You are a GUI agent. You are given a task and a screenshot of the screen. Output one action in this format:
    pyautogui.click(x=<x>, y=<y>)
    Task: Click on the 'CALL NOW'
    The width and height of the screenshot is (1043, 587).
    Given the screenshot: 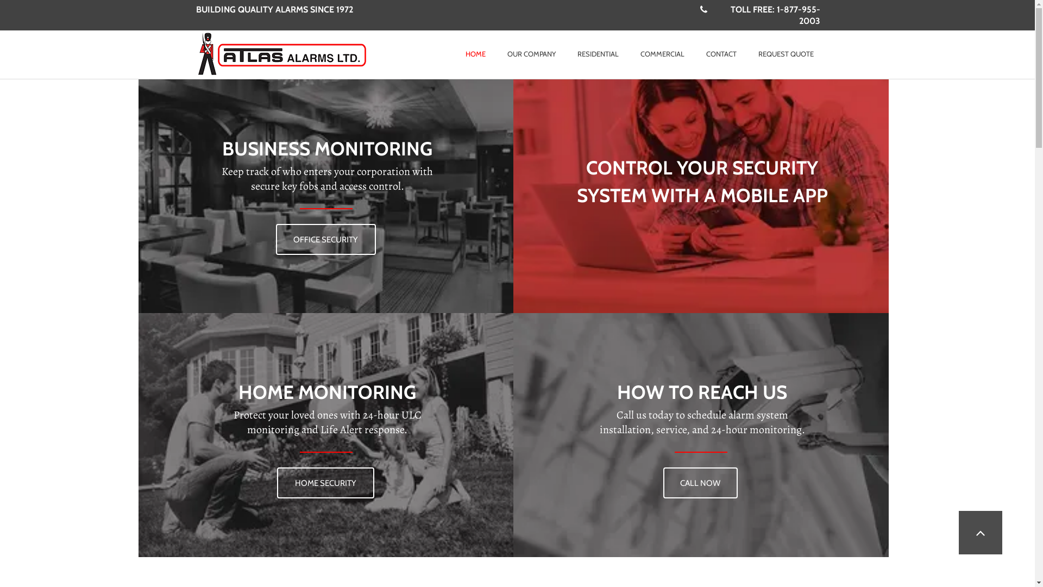 What is the action you would take?
    pyautogui.click(x=700, y=482)
    